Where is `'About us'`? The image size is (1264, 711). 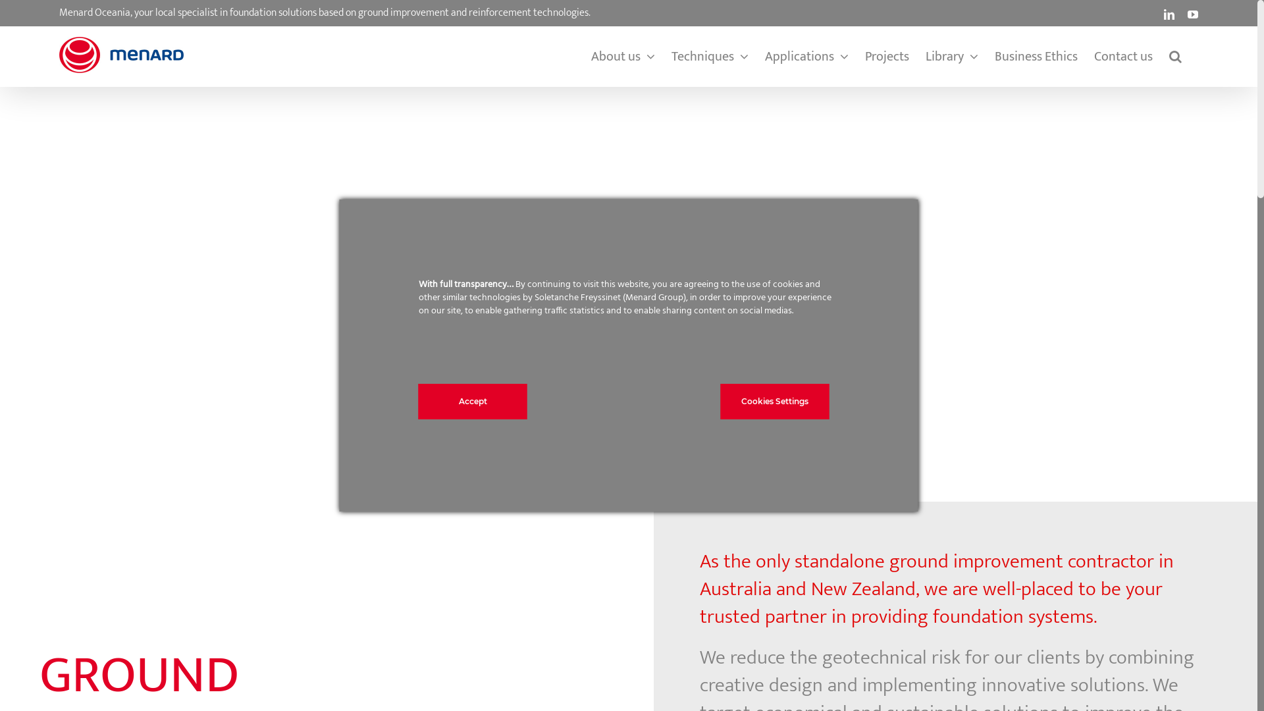 'About us' is located at coordinates (622, 55).